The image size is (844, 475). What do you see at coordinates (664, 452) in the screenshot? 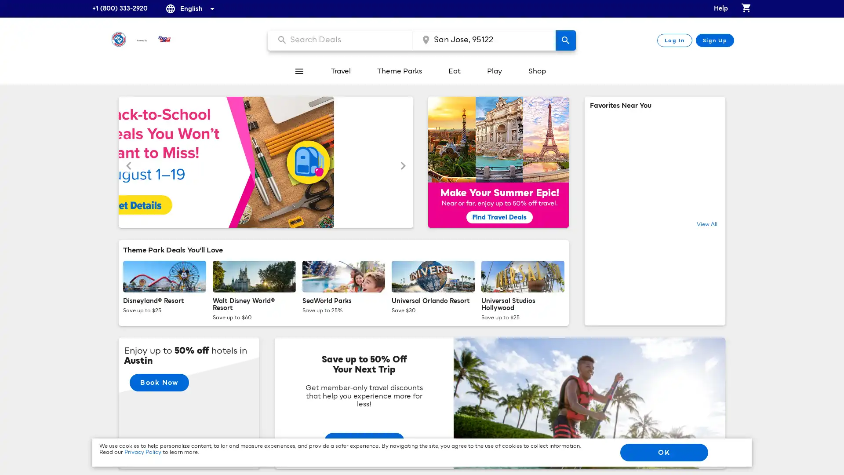
I see `OK` at bounding box center [664, 452].